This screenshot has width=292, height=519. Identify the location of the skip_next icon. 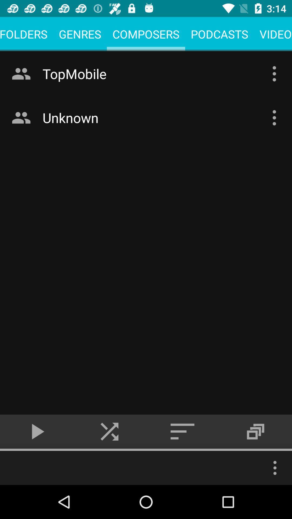
(109, 431).